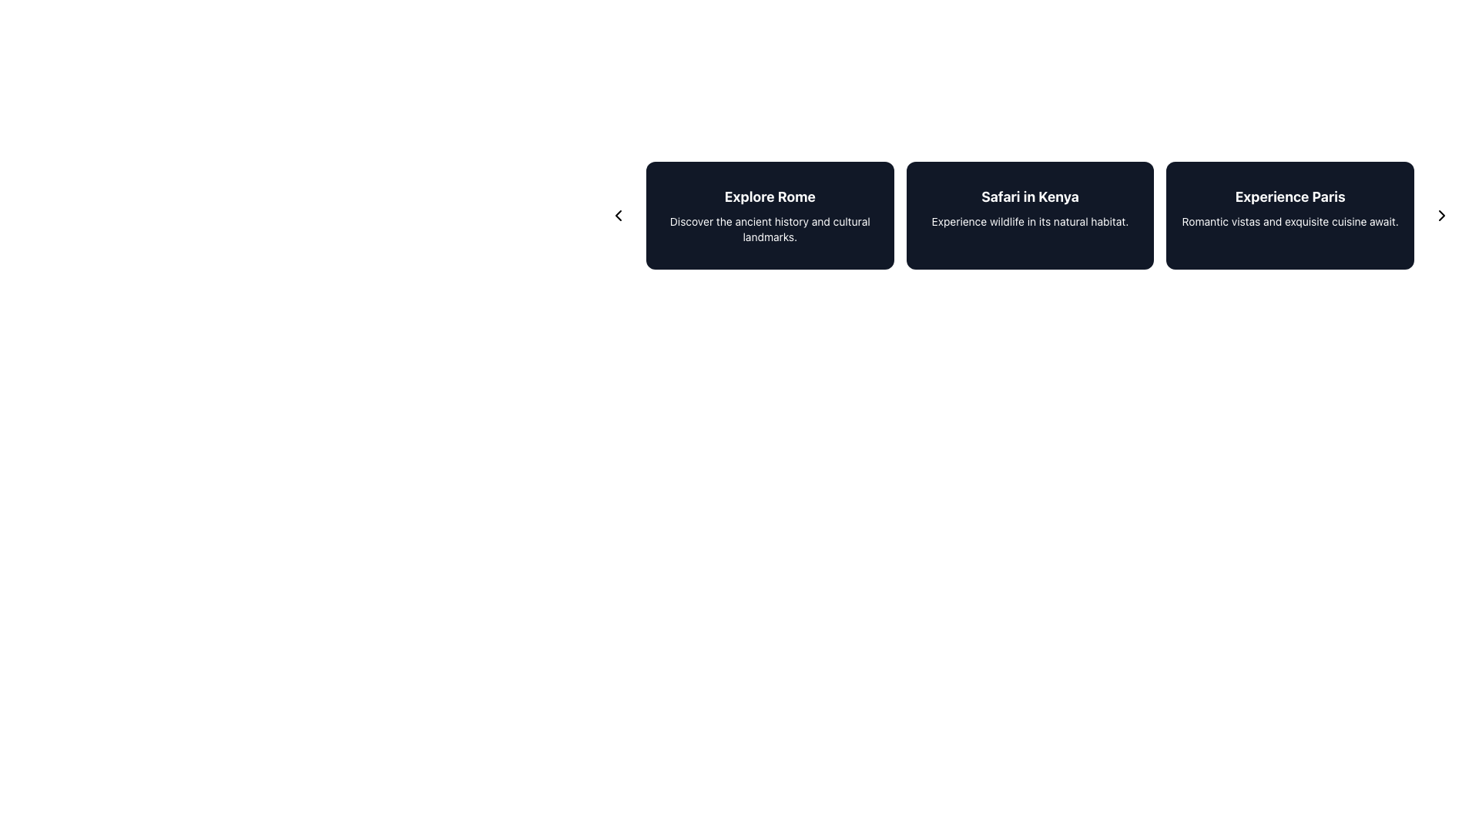  Describe the element at coordinates (770, 229) in the screenshot. I see `text content of the Text Label that contains the phrase 'Discover the ancient history and cultural landmarks.' positioned beneath the title 'Explore Rome.'` at that location.